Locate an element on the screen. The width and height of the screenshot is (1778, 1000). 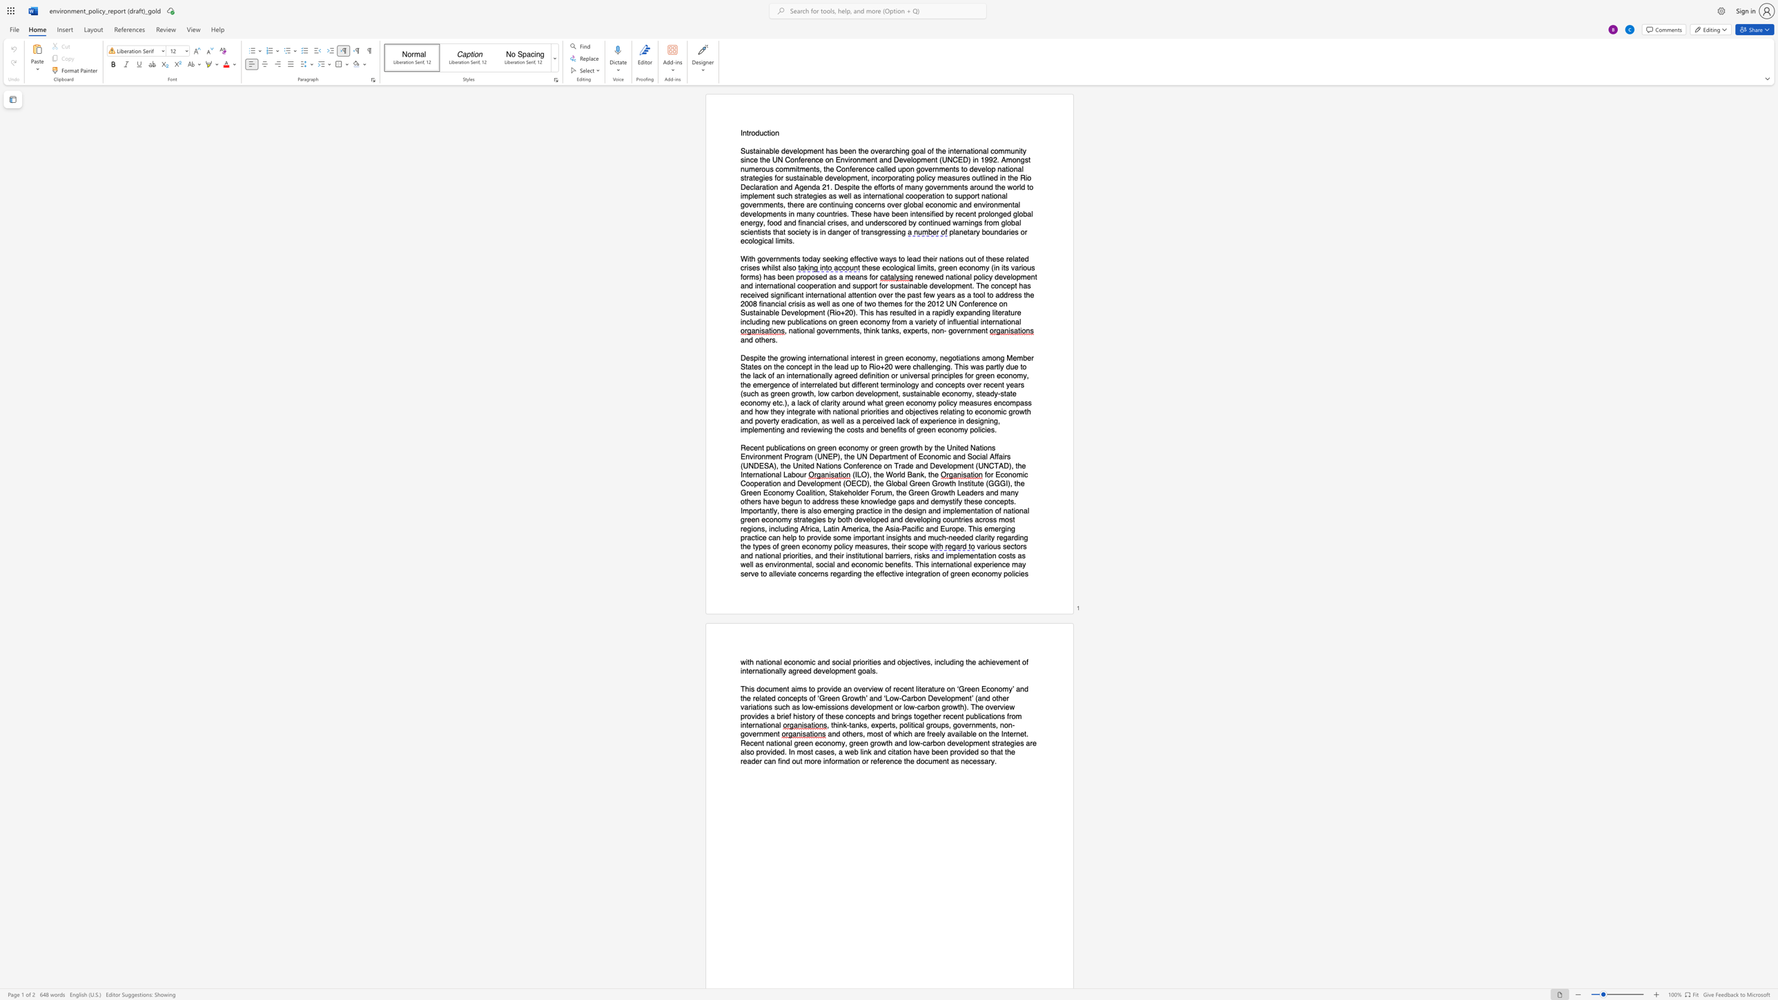
the subset text "ation o" within the text "for Economic Cooperation and Development (OECD), the Global Green Growth Institute (GGGI), the Green Economy Coalition, Stakeholder Forum, the Green Growth Leaders and many others have begun to address these knowledge gaps and demystify these concepts. Importantly, there is also emerging practice in the design and implementation of national green economy strategies by both developed and developing countries across most regions, including Africa, Latin America, the Asia‐Pacific and Europe. This emerging practice can help to provide some important insights and much‐needed clarity" is located at coordinates (977, 510).